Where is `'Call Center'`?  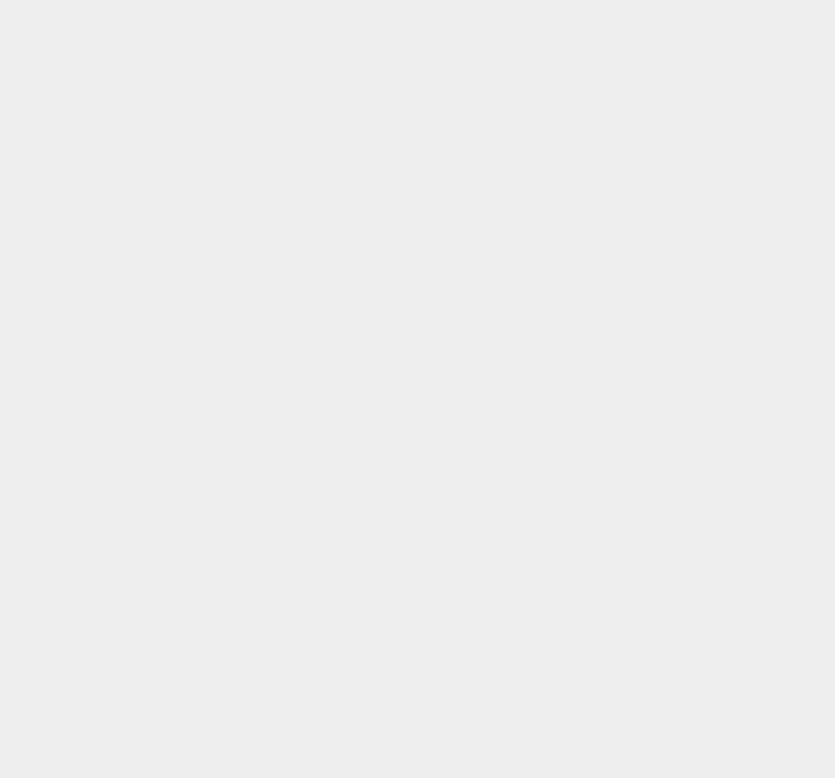
'Call Center' is located at coordinates (614, 59).